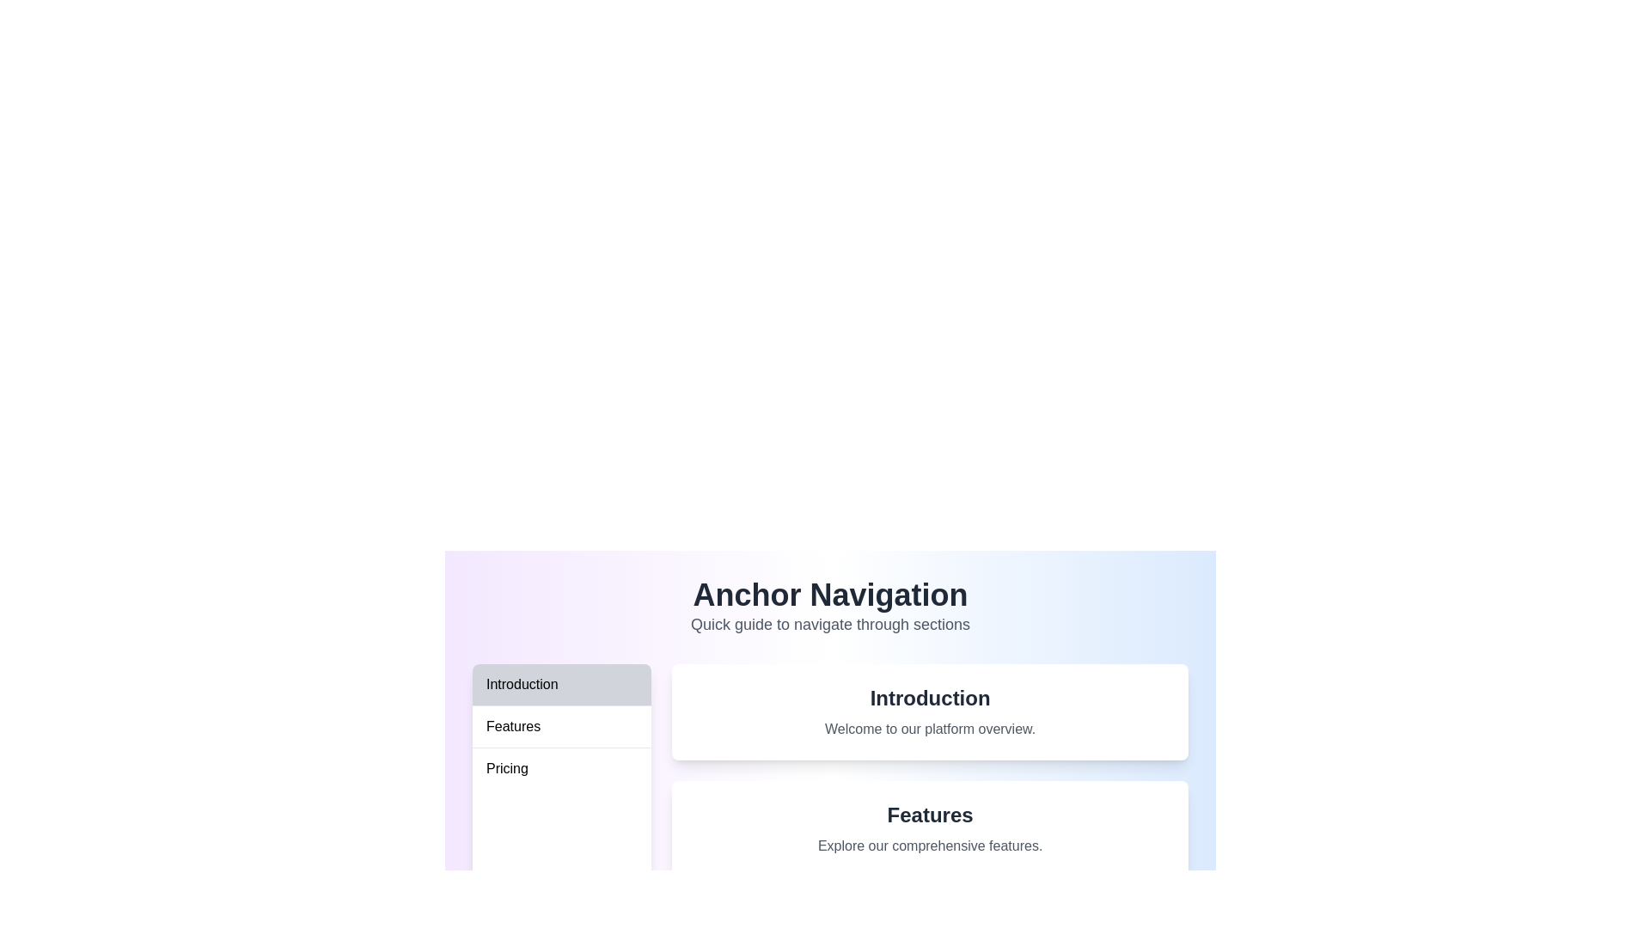  What do you see at coordinates (562, 767) in the screenshot?
I see `the 'Pricing' button in the vertical navigation menu to change its background color to light gray` at bounding box center [562, 767].